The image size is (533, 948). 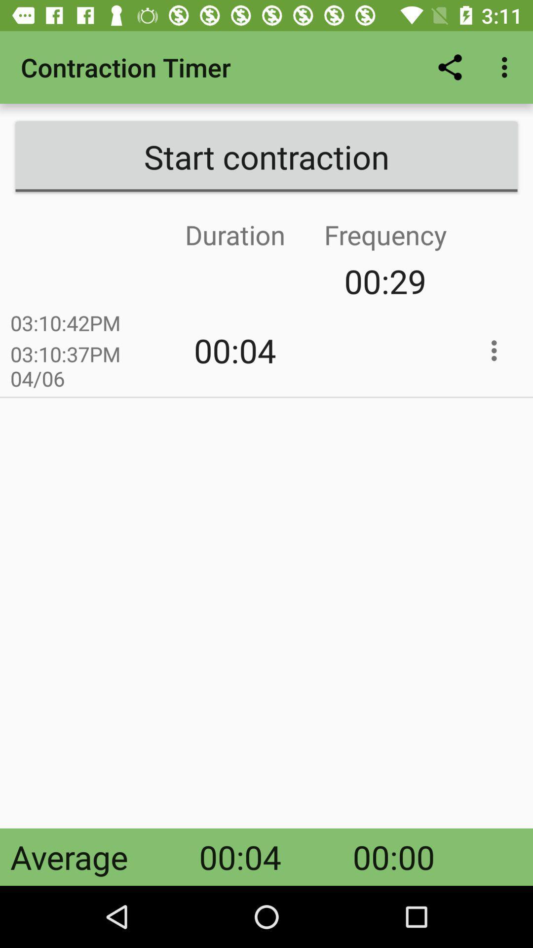 I want to click on start contraction, so click(x=266, y=156).